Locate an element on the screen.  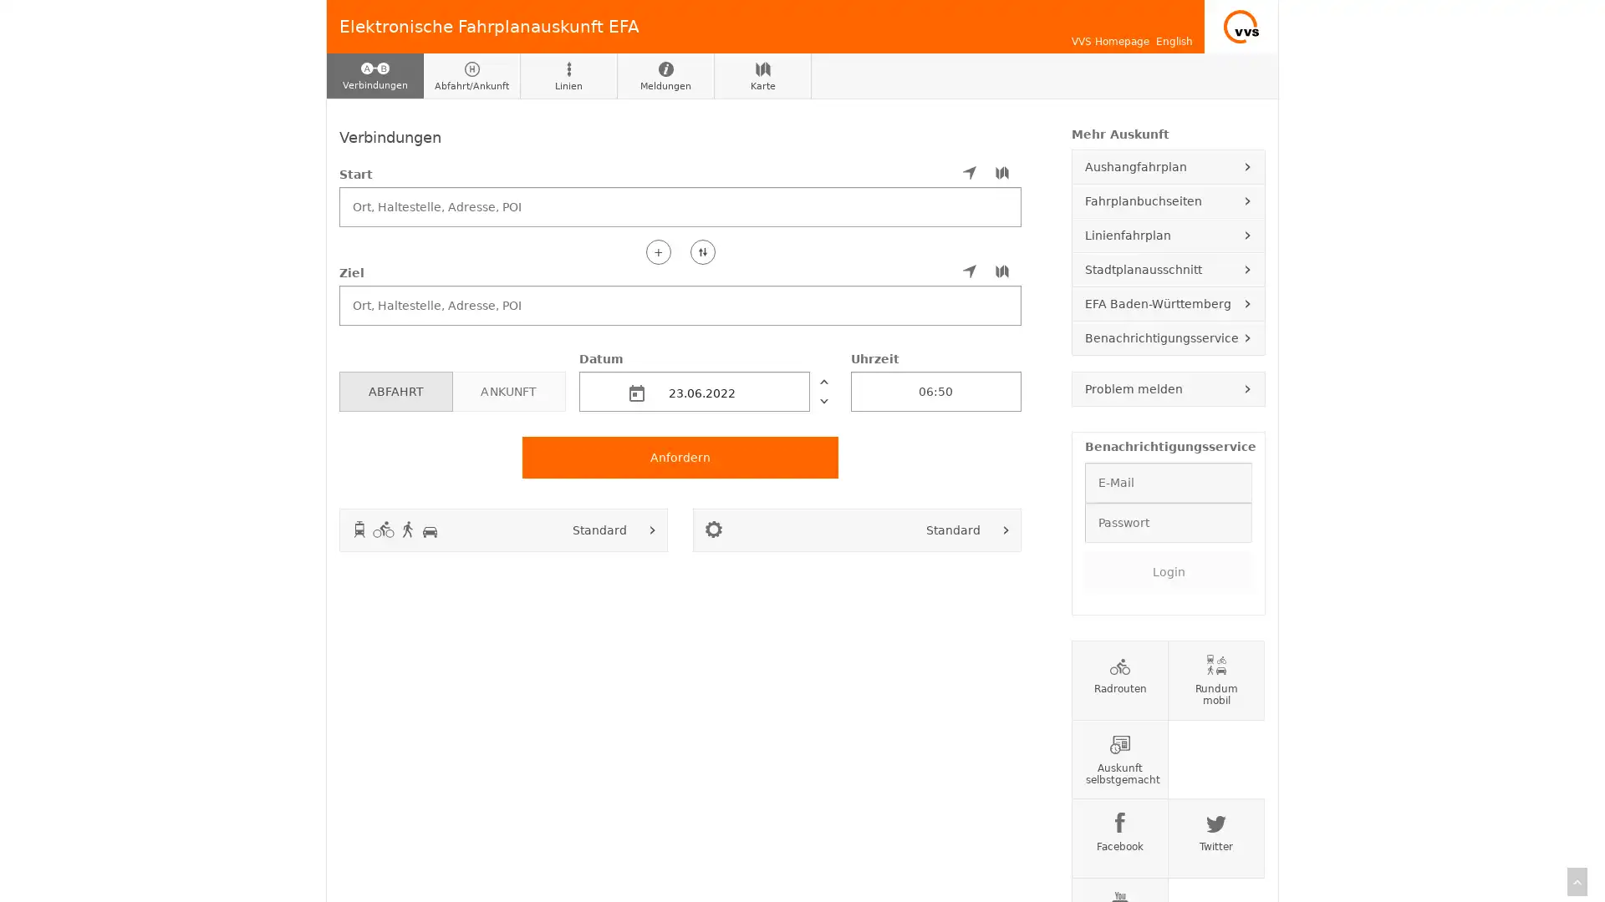
23.06.2022 is located at coordinates (694, 390).